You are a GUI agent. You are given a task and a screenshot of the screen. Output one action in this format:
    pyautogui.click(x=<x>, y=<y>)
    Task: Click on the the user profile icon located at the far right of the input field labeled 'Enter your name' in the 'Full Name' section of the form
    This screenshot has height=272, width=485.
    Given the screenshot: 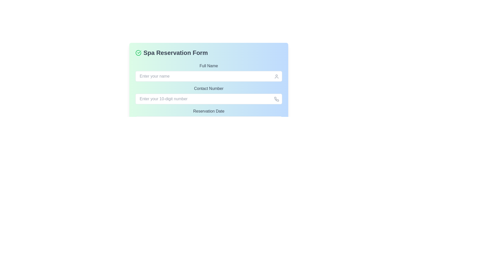 What is the action you would take?
    pyautogui.click(x=276, y=77)
    